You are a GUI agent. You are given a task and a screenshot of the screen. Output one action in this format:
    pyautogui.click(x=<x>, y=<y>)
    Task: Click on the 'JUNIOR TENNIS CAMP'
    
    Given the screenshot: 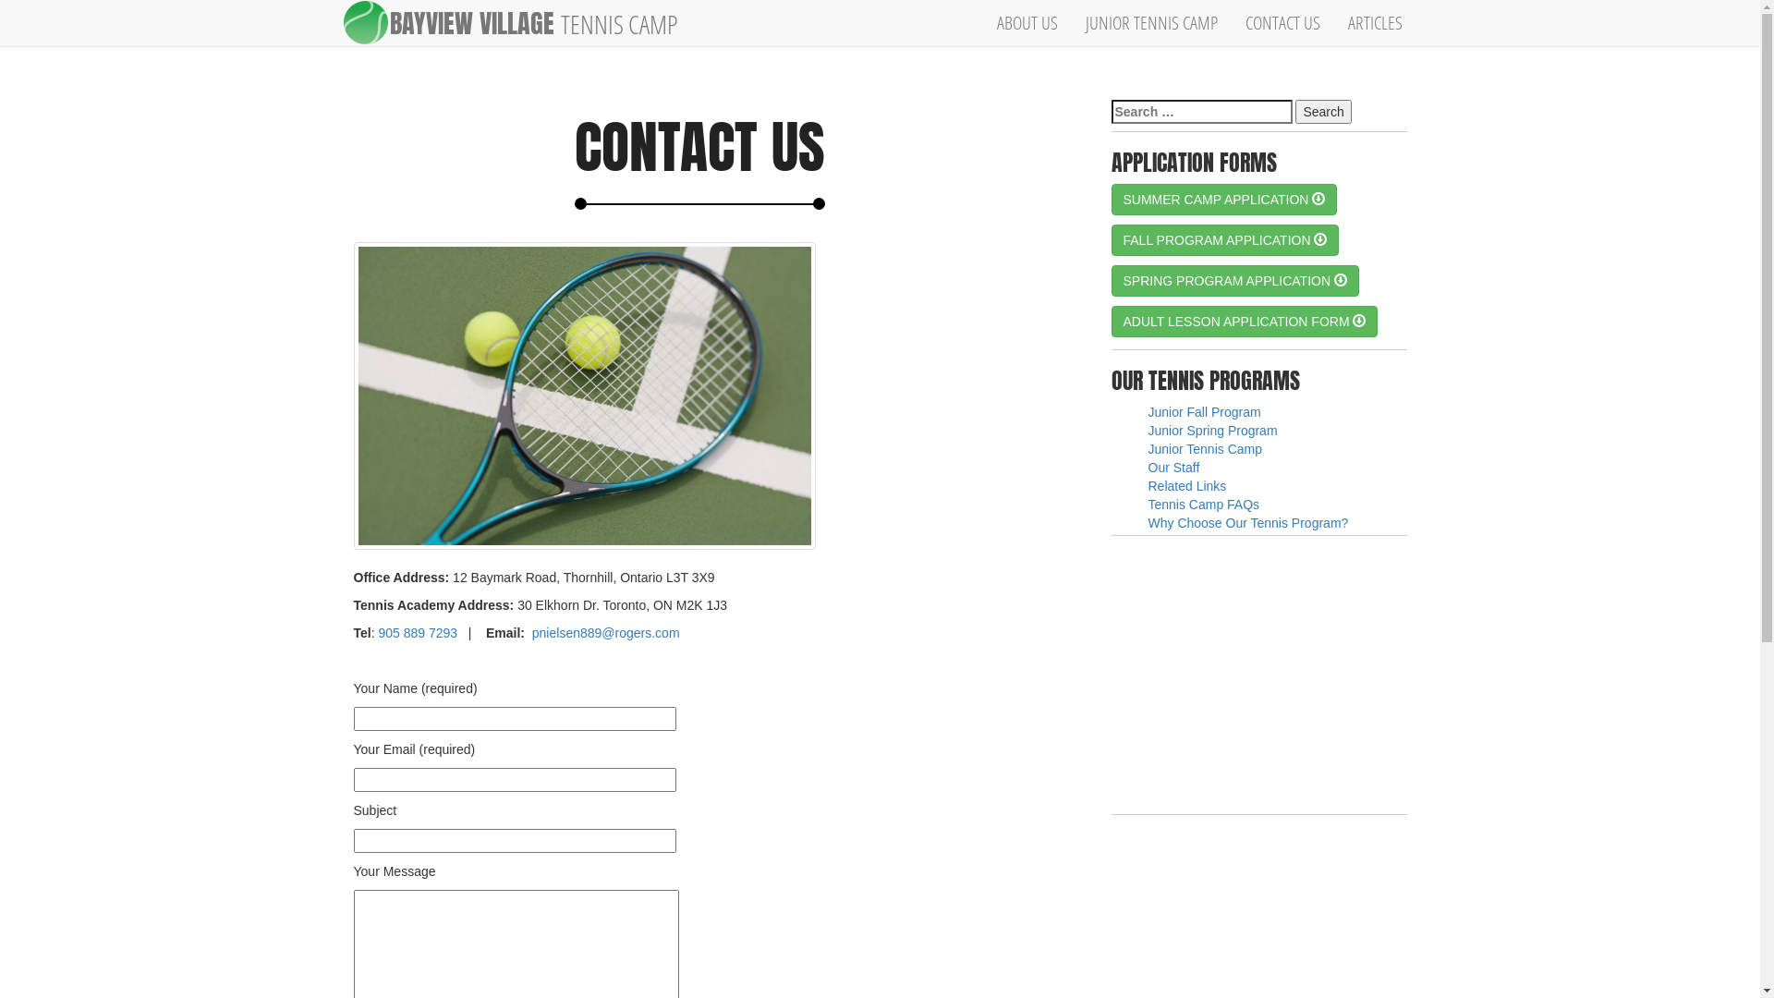 What is the action you would take?
    pyautogui.click(x=1150, y=22)
    